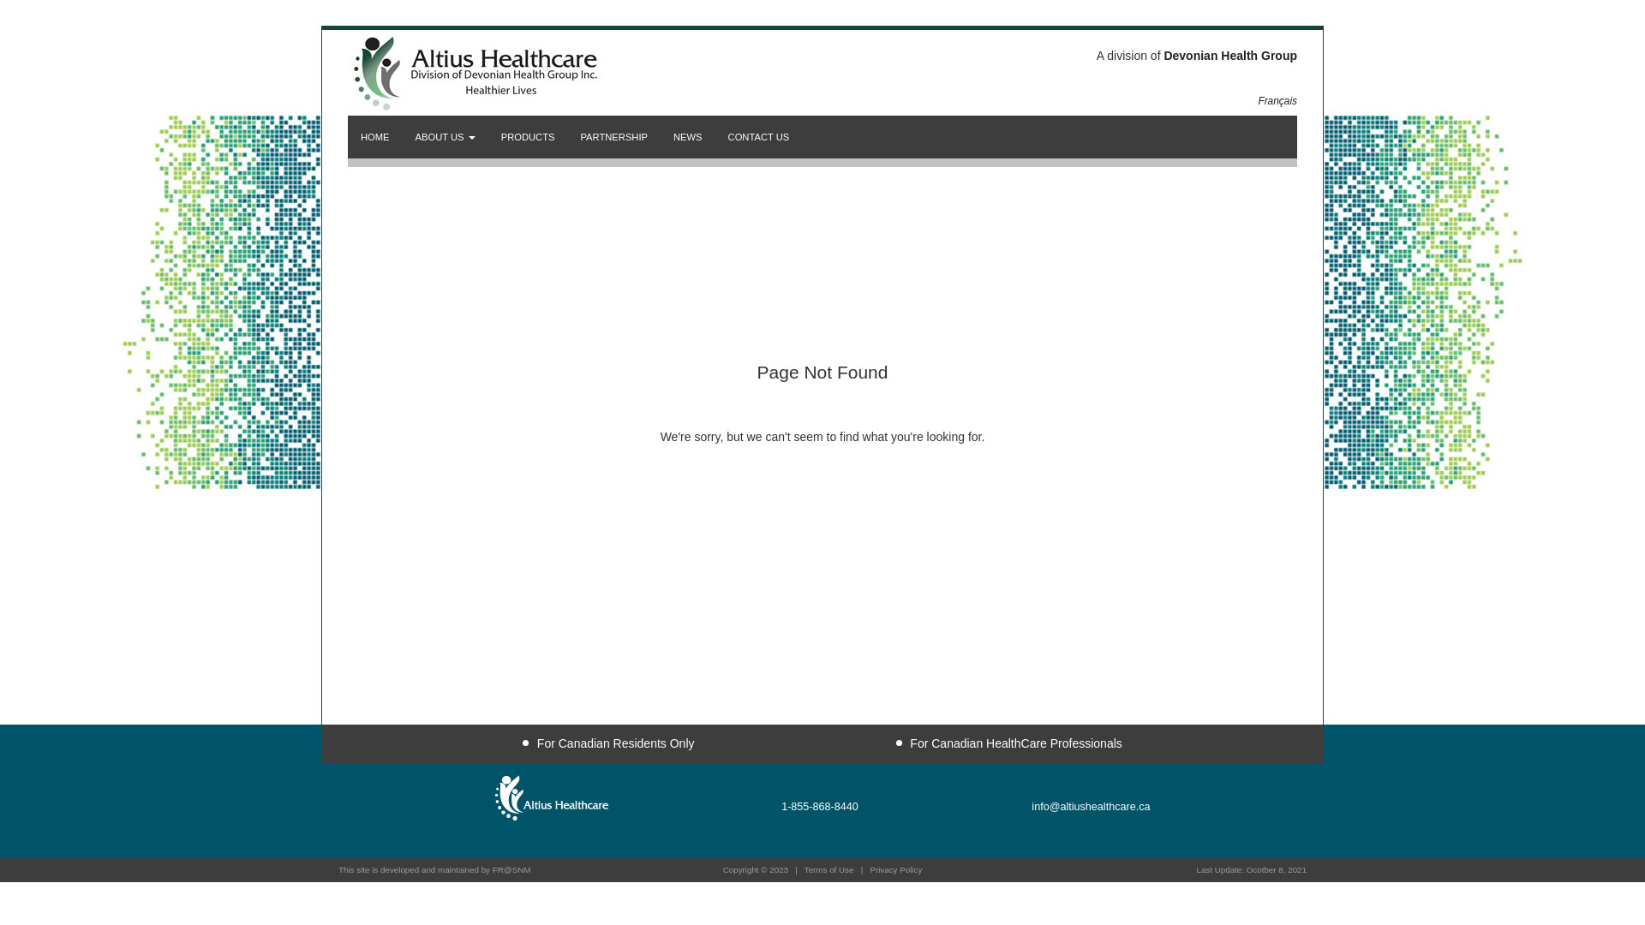 Image resolution: width=1645 pixels, height=925 pixels. What do you see at coordinates (829, 869) in the screenshot?
I see `'Terms of Use'` at bounding box center [829, 869].